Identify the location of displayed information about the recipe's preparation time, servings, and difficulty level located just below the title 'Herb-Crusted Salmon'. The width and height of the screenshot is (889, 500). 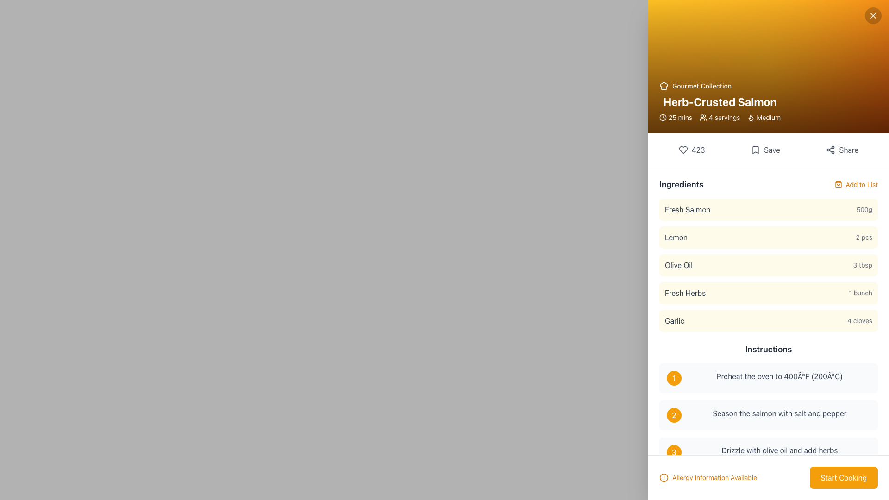
(720, 117).